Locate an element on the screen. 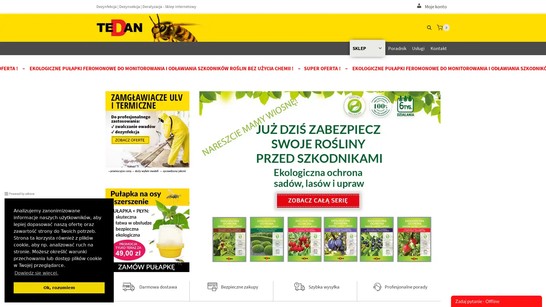  learn more about cookies is located at coordinates (36, 273).